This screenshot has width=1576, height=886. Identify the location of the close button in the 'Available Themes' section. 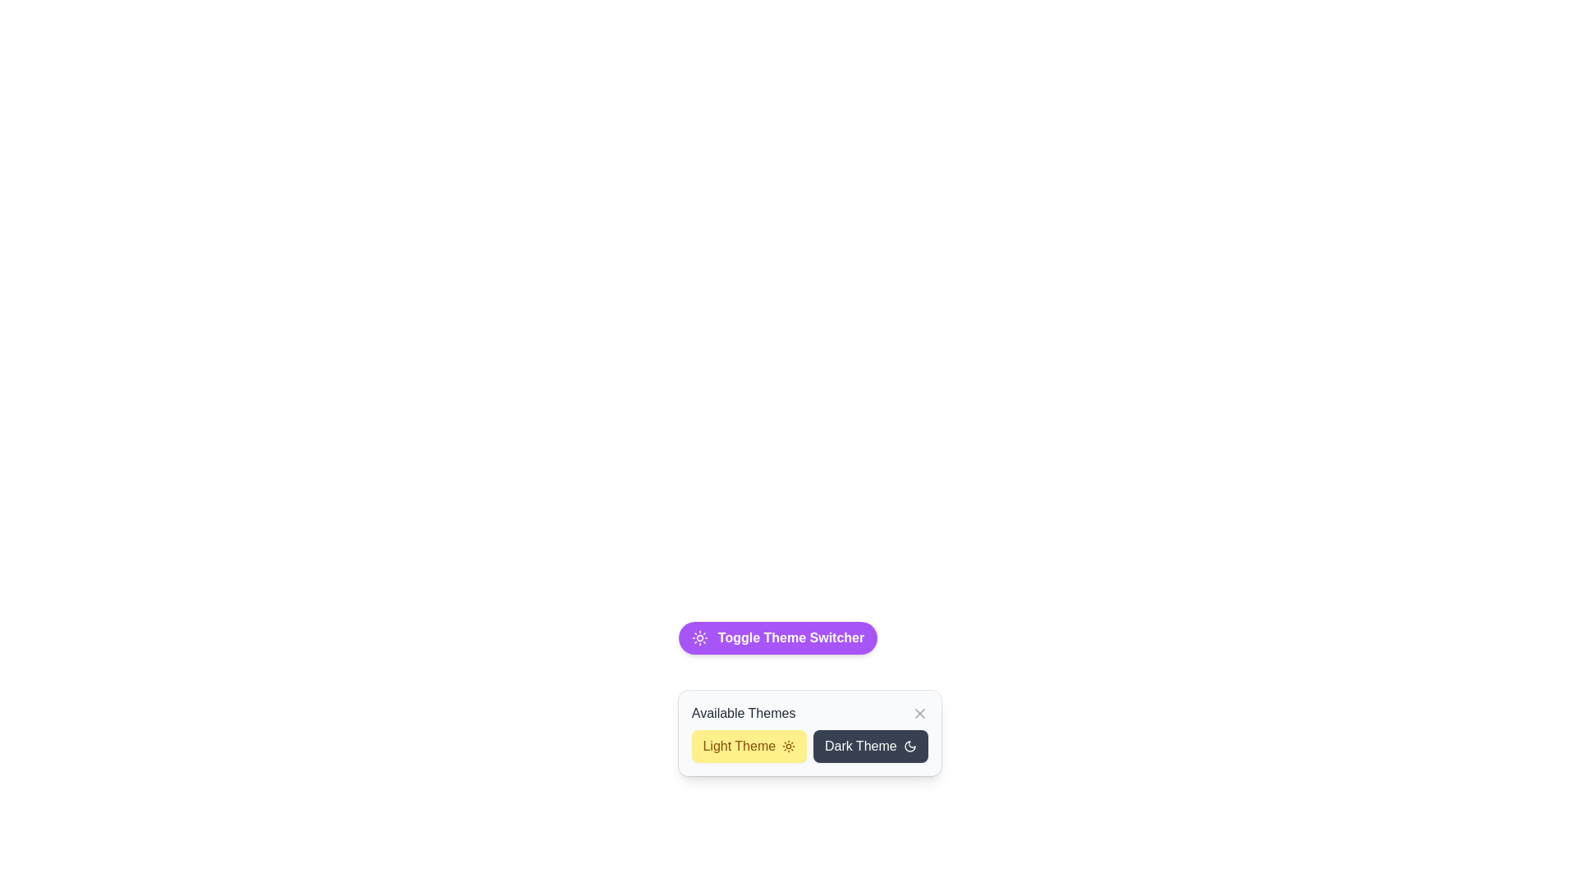
(919, 713).